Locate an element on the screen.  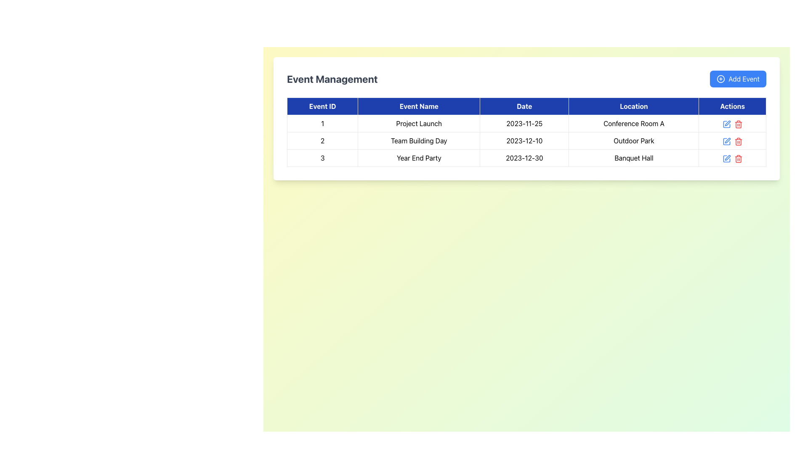
text '2023-12-30' displayed in plain black font inside the third cell of the 'Date' column in the 'Event Management' table, which is part of the row containing 'Year End Party' and 'Banquet Hall' is located at coordinates (524, 158).